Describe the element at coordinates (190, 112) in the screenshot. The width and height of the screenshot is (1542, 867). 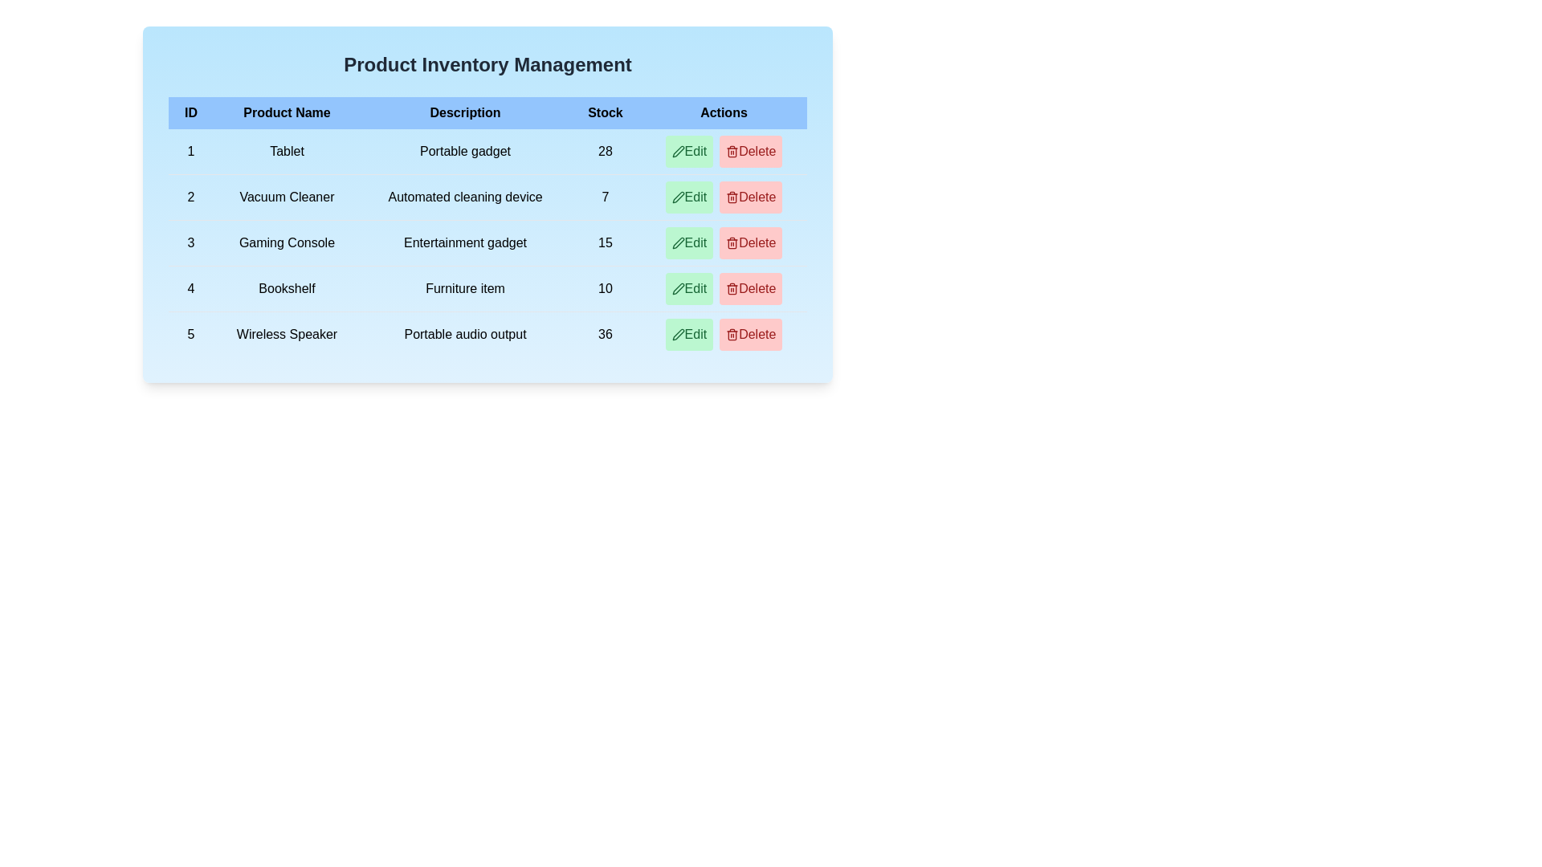
I see `the 'ID' header label, which is the first element in a horizontal header row, displayed in bold black font on a light blue background` at that location.